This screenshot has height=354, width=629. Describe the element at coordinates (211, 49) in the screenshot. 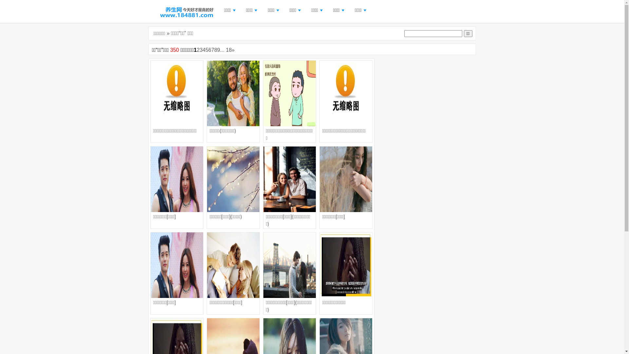

I see `'7'` at that location.